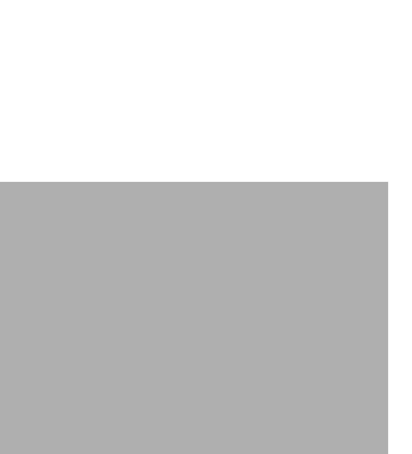  I want to click on 'Plugin+', so click(72, 345).